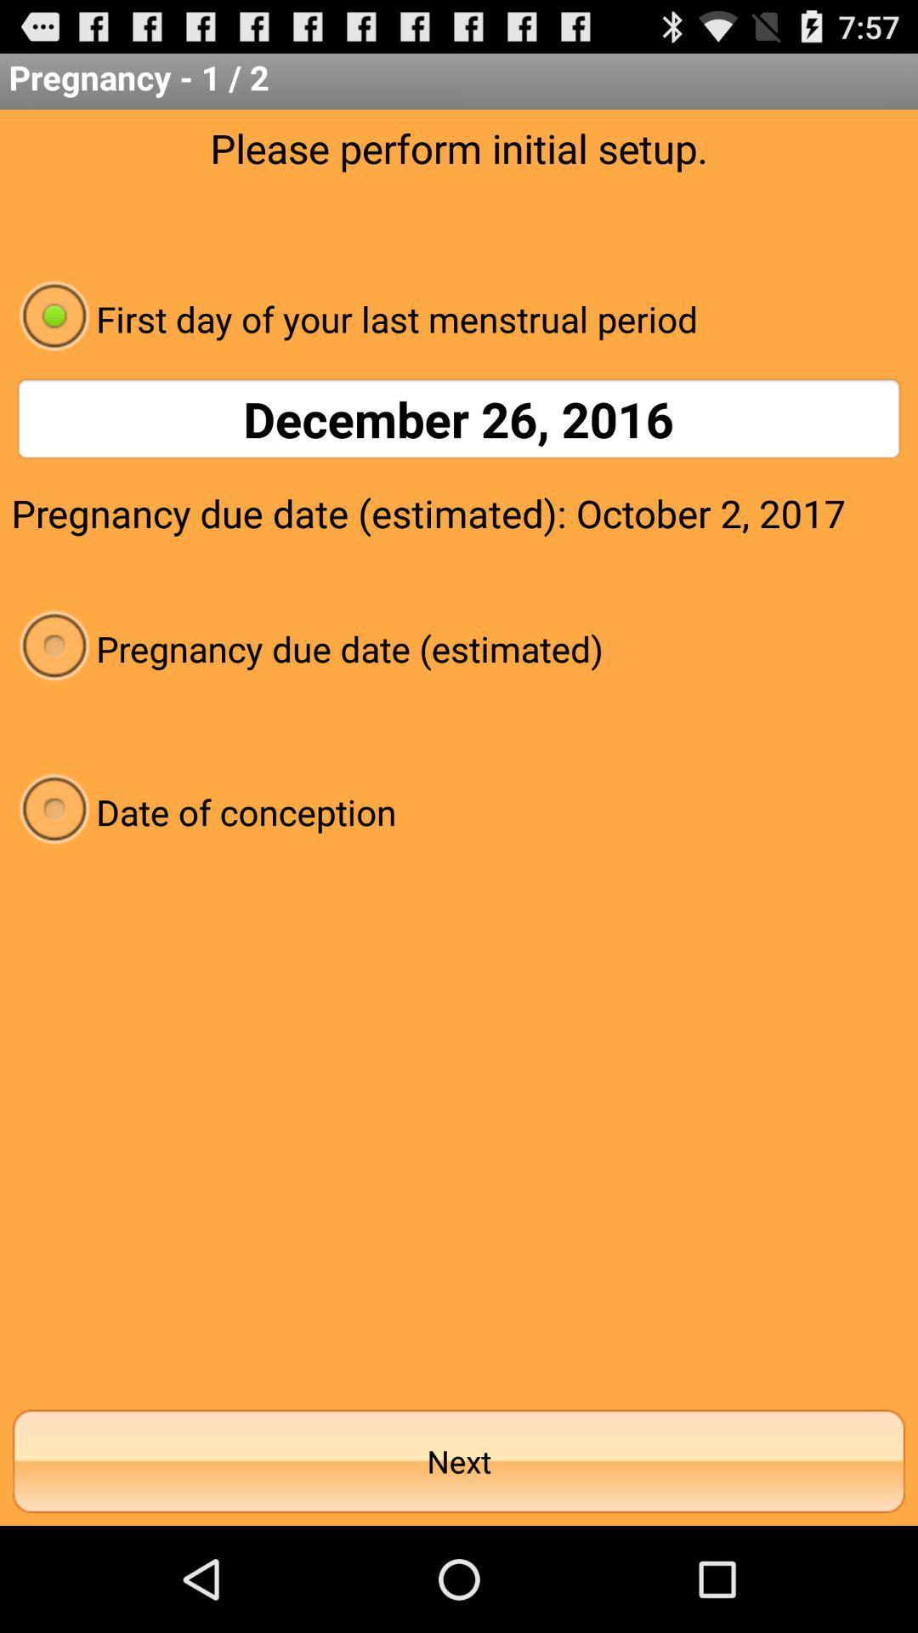 This screenshot has width=918, height=1633. Describe the element at coordinates (459, 1460) in the screenshot. I see `next item` at that location.